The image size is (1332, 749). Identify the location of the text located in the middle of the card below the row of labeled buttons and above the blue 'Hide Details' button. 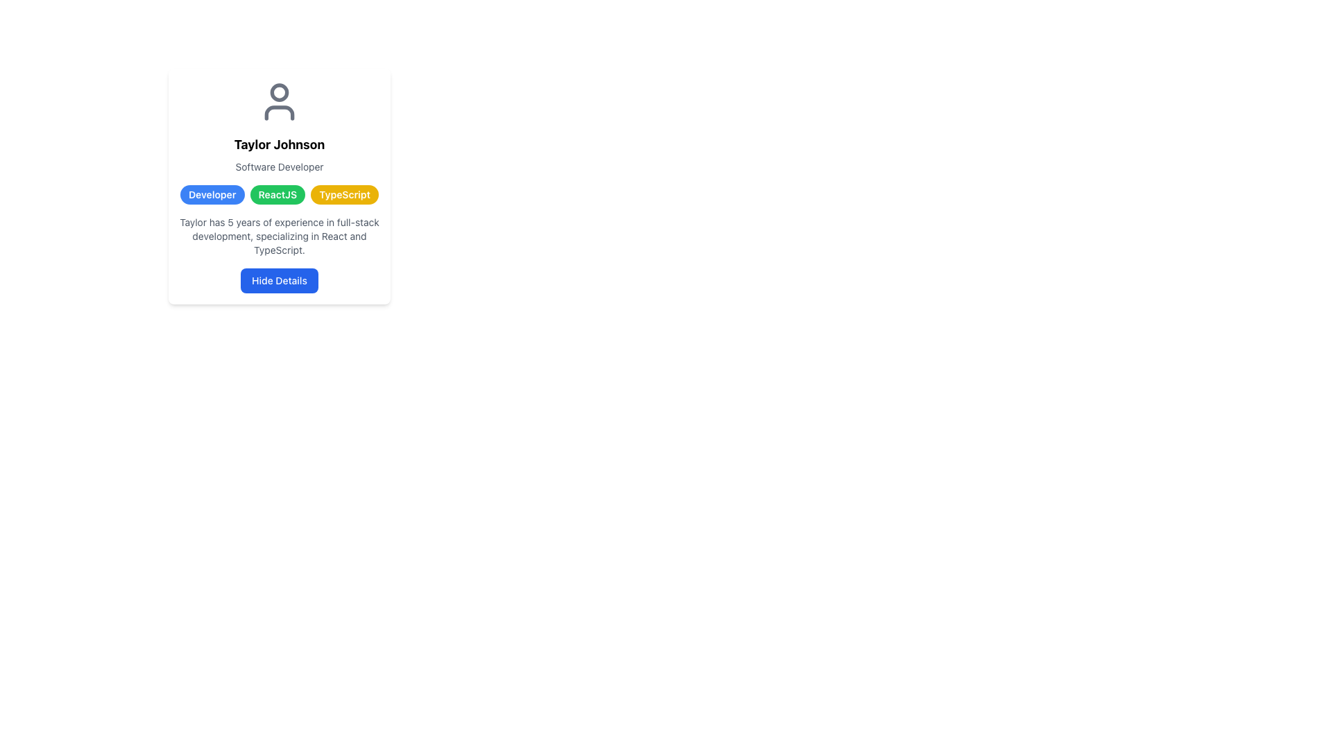
(279, 235).